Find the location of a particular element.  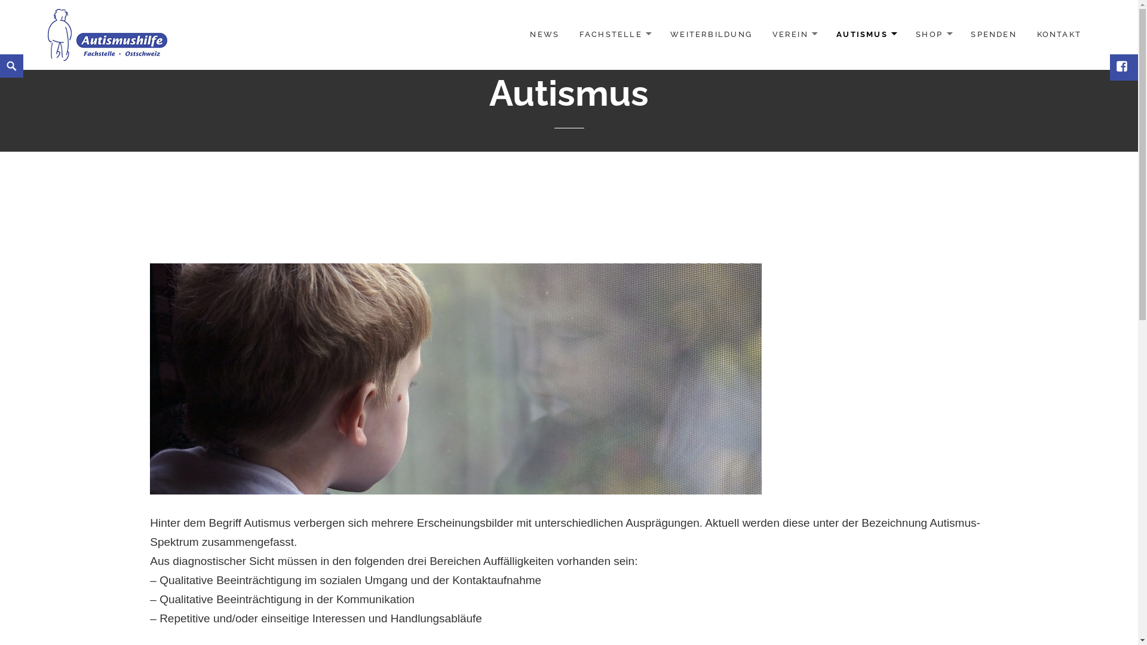

'NEWS' is located at coordinates (544, 33).